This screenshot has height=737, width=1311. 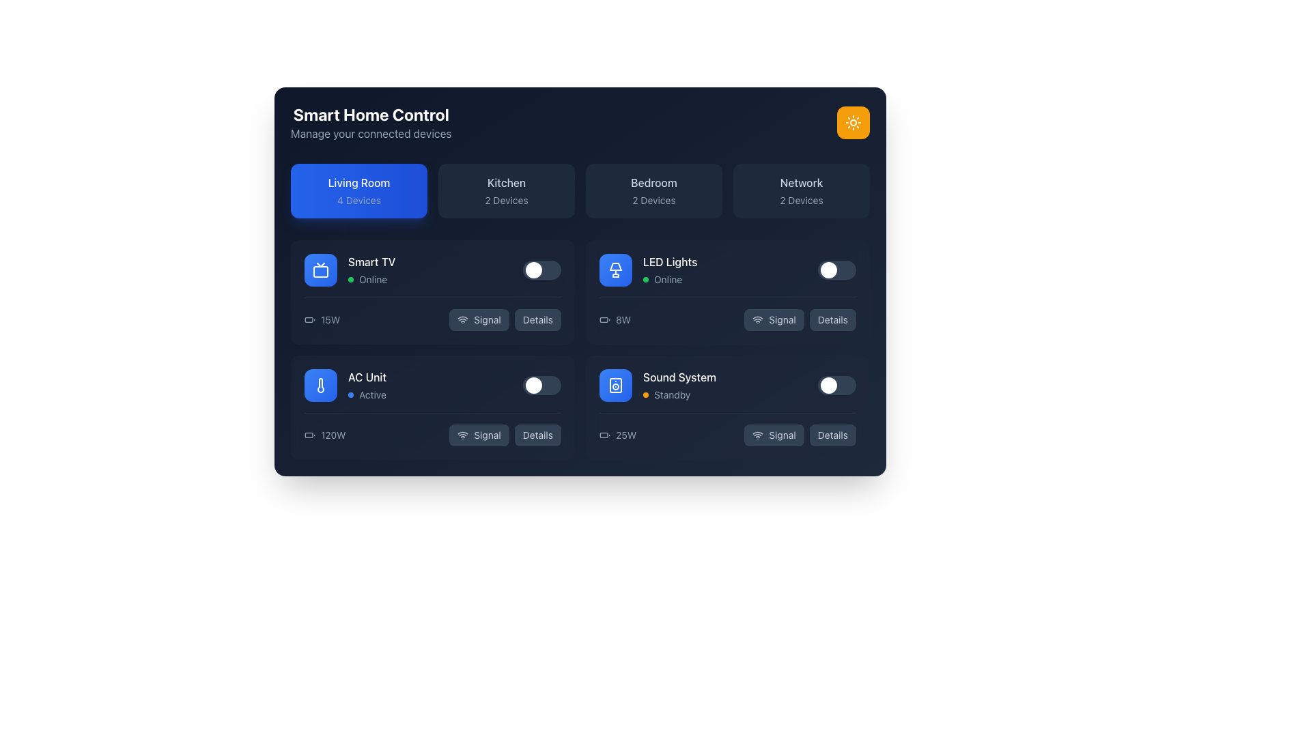 I want to click on the Smart TV status indicator, which displays that the device is online, located in the top row of the second section, to the left of the central content, and is the first device listed under the 'Living Room' category, so click(x=350, y=270).